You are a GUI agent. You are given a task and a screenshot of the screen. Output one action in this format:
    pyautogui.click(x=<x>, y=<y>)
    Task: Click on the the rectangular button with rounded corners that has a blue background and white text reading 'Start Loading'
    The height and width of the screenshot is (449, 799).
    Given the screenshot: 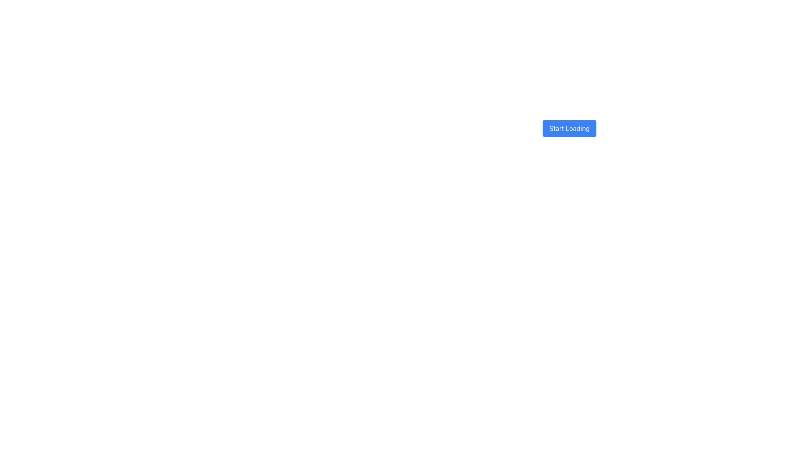 What is the action you would take?
    pyautogui.click(x=569, y=125)
    